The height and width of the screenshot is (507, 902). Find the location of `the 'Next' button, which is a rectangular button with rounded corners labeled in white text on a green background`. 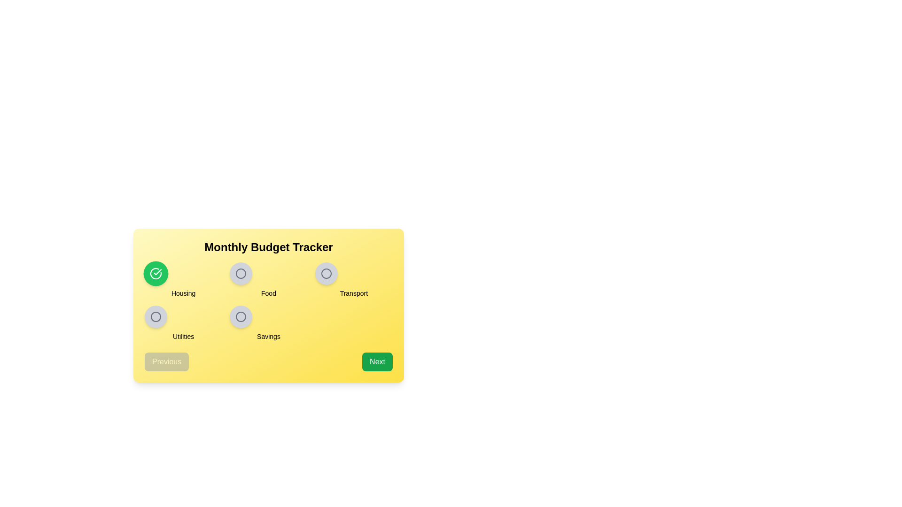

the 'Next' button, which is a rectangular button with rounded corners labeled in white text on a green background is located at coordinates (377, 361).